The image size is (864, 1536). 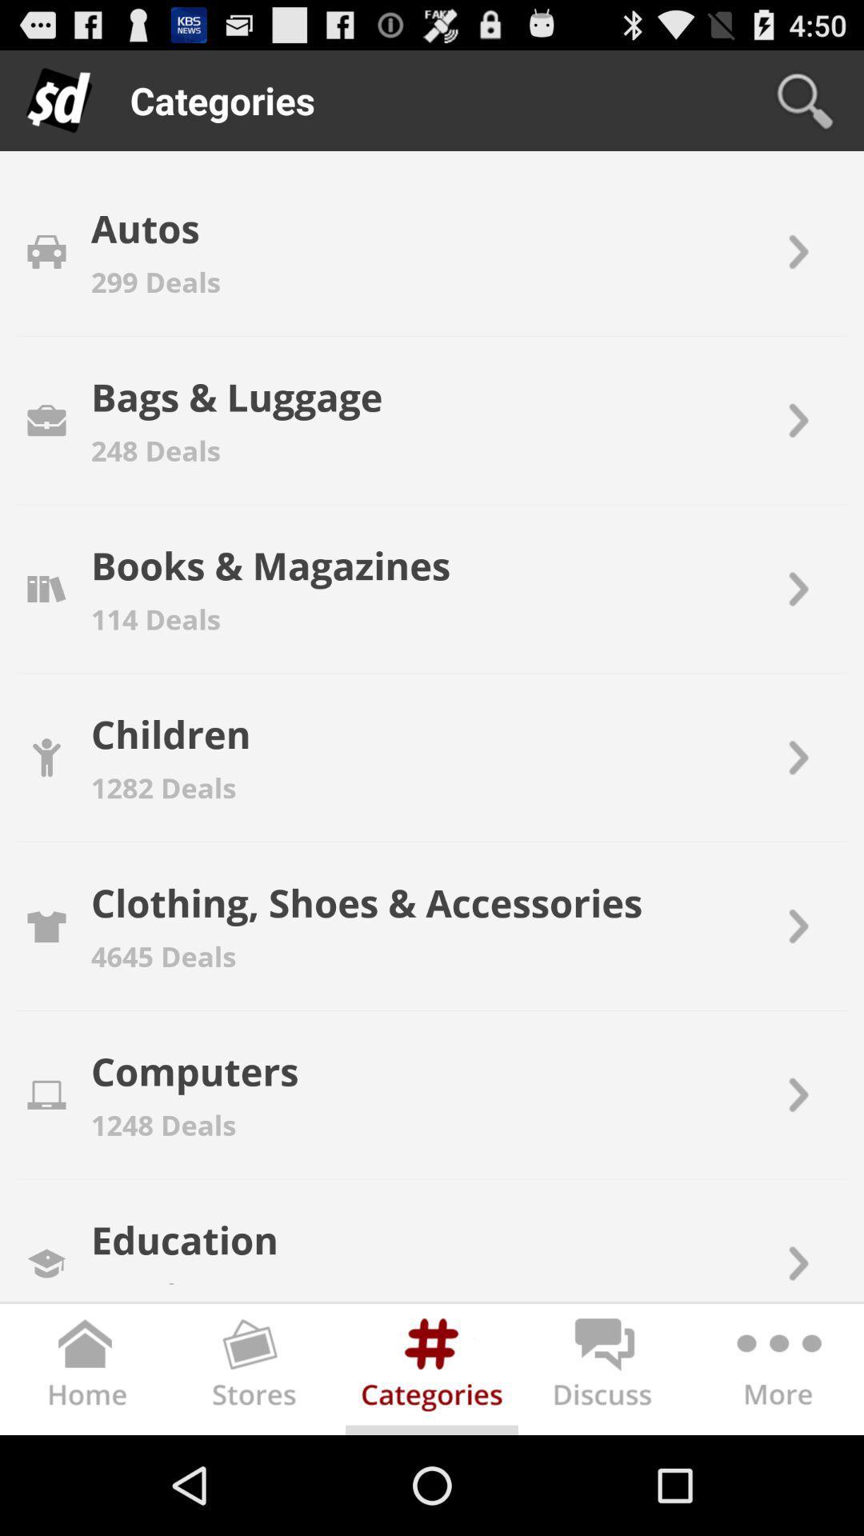 What do you see at coordinates (605, 1372) in the screenshot?
I see `discuss` at bounding box center [605, 1372].